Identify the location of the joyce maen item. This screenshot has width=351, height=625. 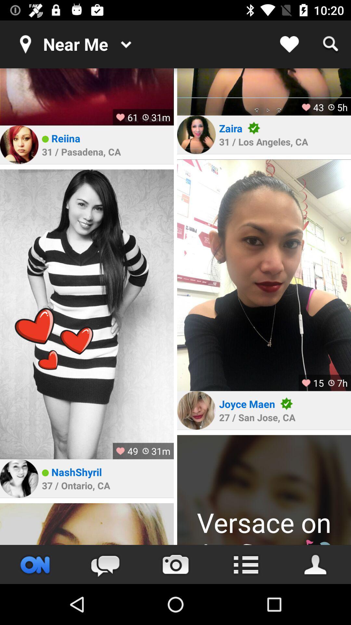
(247, 403).